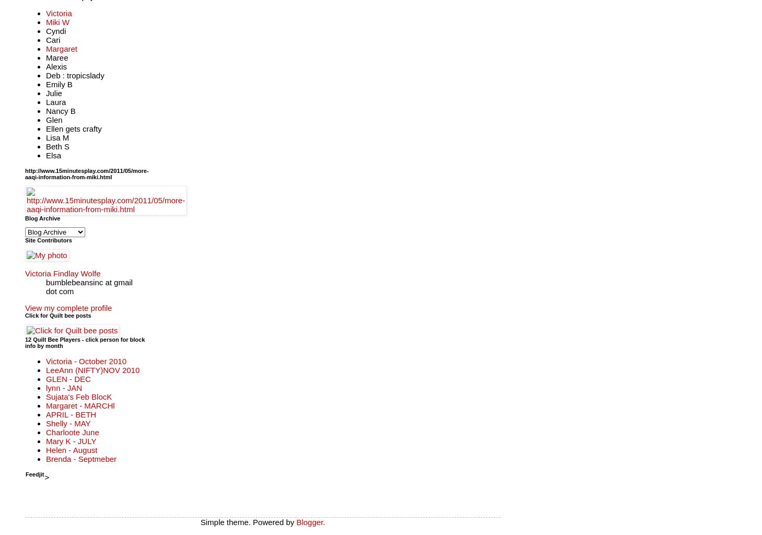  I want to click on 'Laura', so click(55, 101).